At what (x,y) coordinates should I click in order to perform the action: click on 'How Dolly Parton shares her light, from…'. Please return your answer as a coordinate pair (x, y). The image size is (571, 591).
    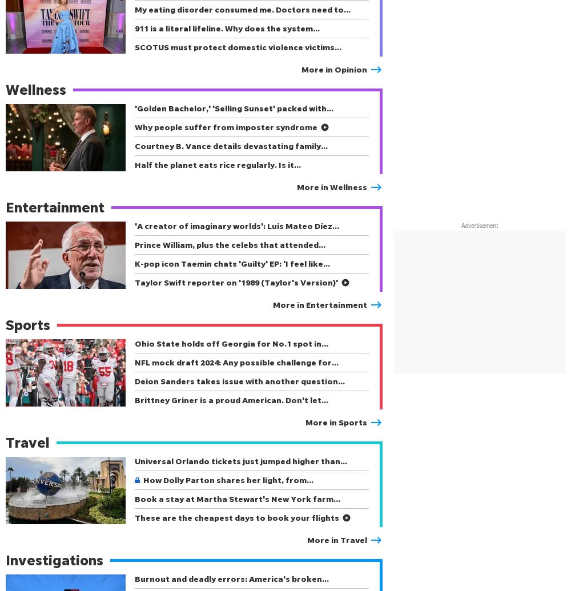
    Looking at the image, I should click on (228, 479).